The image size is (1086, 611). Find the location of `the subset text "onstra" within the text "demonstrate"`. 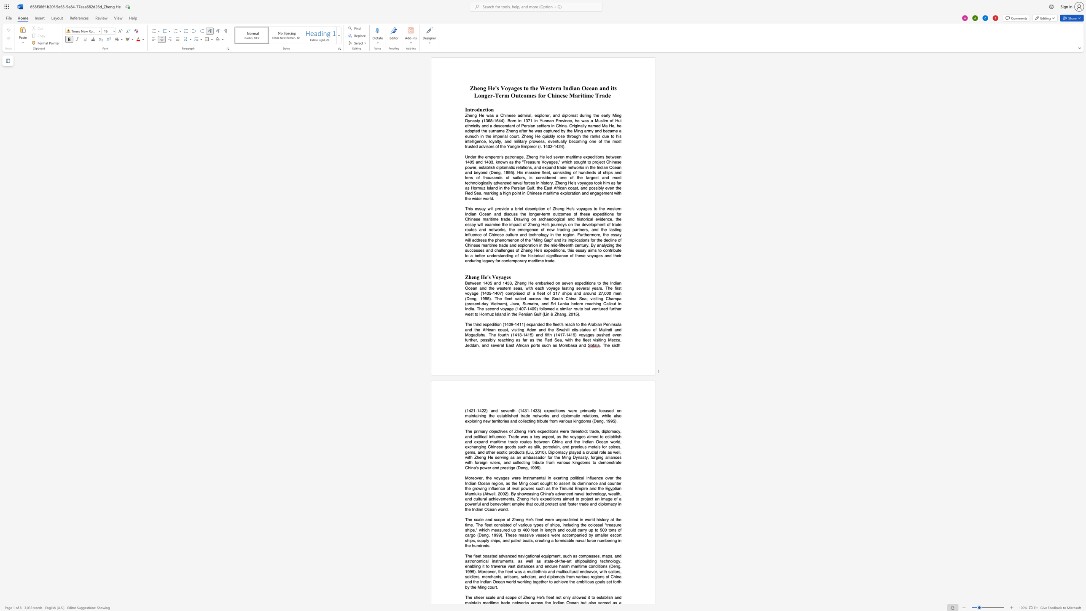

the subset text "onstra" within the text "demonstrate" is located at coordinates (606, 462).